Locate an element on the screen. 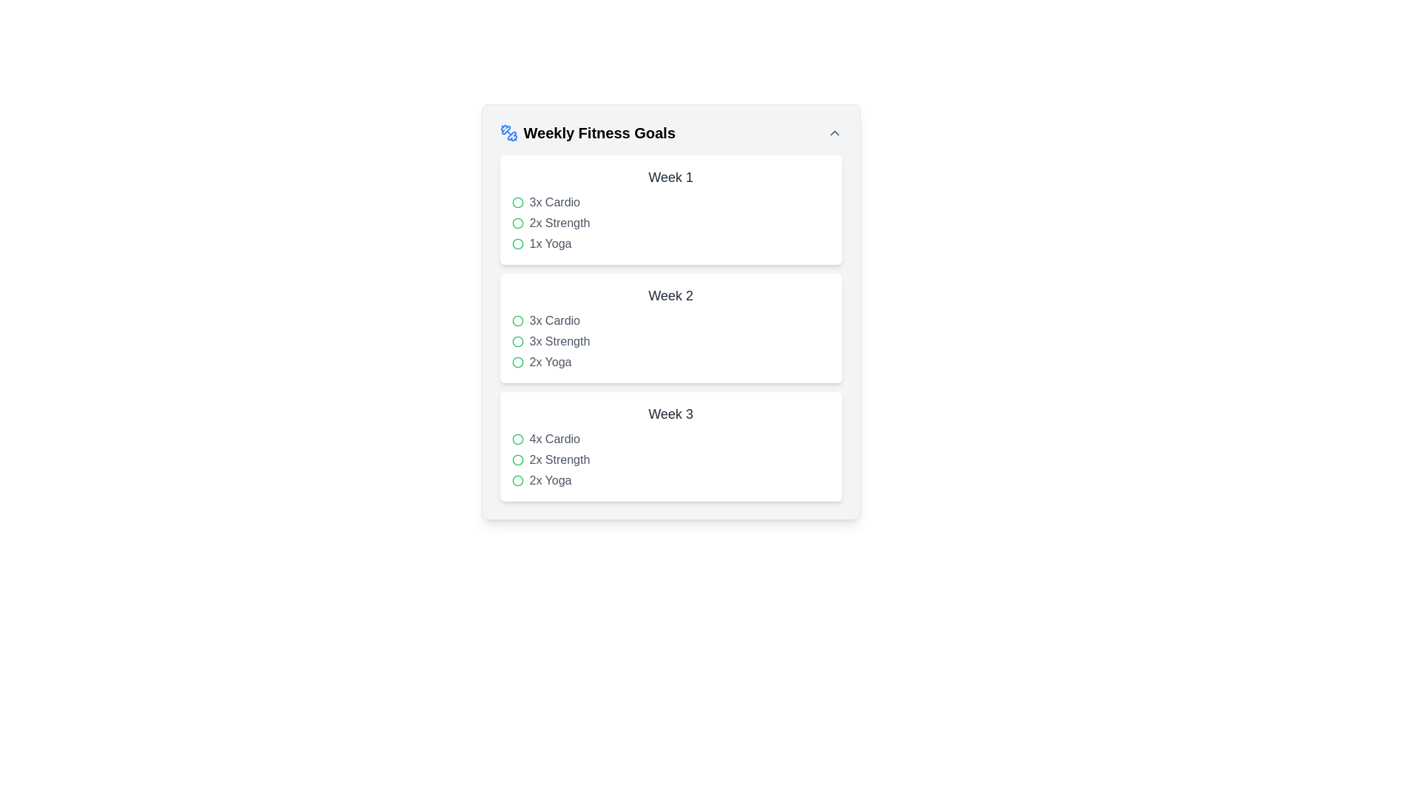  text of the text label indicating the number and type of cardio sessions planned for 'Week 3' in the 'Weekly Fitness Goals' panel is located at coordinates (554, 439).